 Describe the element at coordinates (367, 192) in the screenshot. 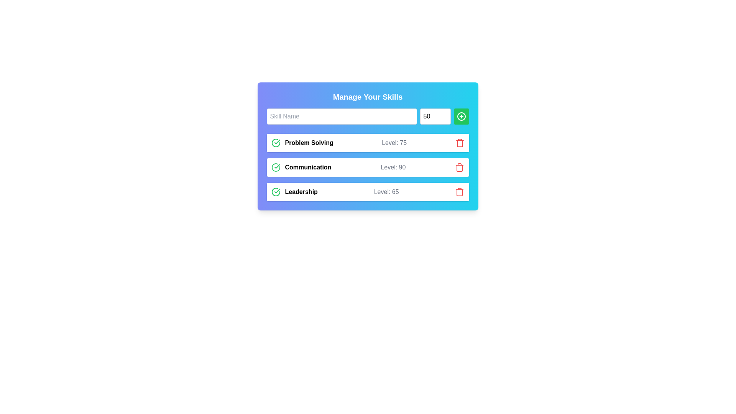

I see `skill level information displayed in the Skill item labeled 'Leadership', which shows 'Level: 65' in gray color` at that location.